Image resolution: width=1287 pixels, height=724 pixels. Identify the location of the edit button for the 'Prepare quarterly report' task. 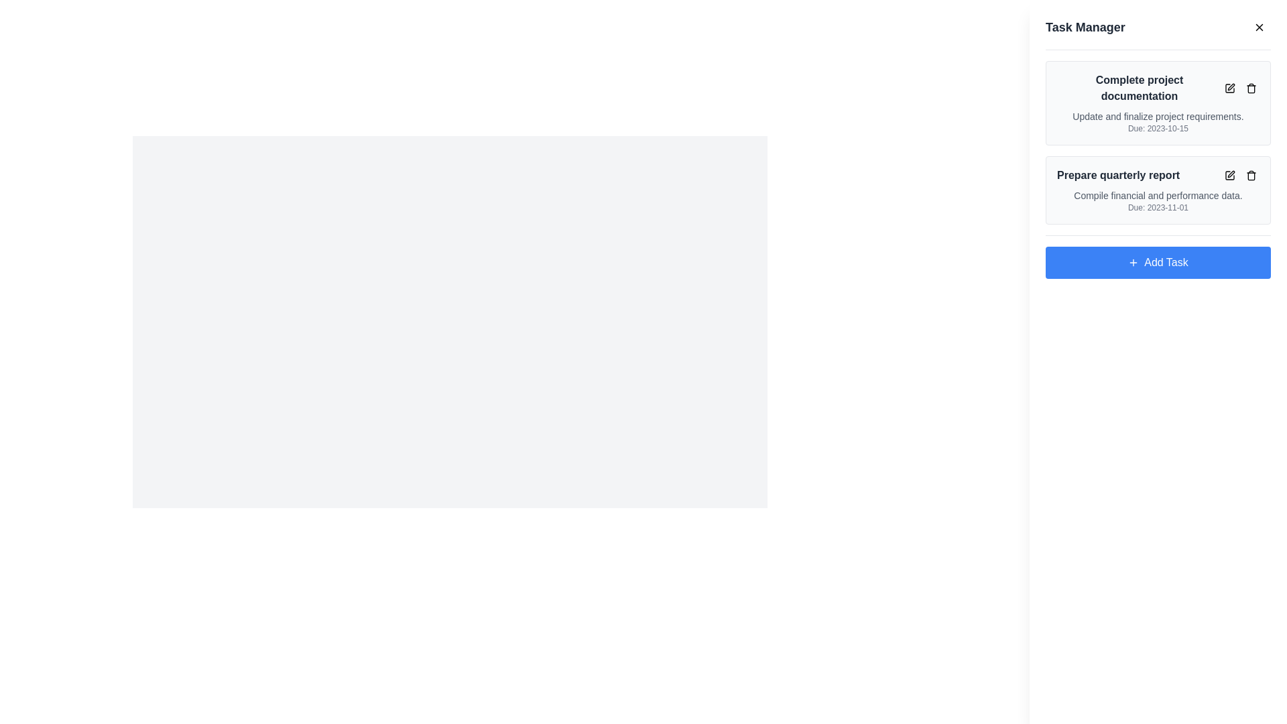
(1229, 175).